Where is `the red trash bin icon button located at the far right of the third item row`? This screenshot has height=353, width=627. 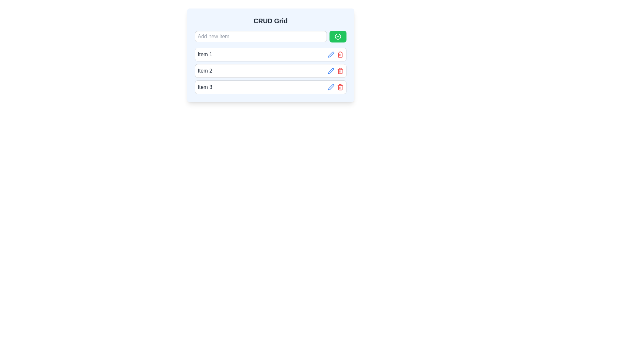
the red trash bin icon button located at the far right of the third item row is located at coordinates (340, 87).